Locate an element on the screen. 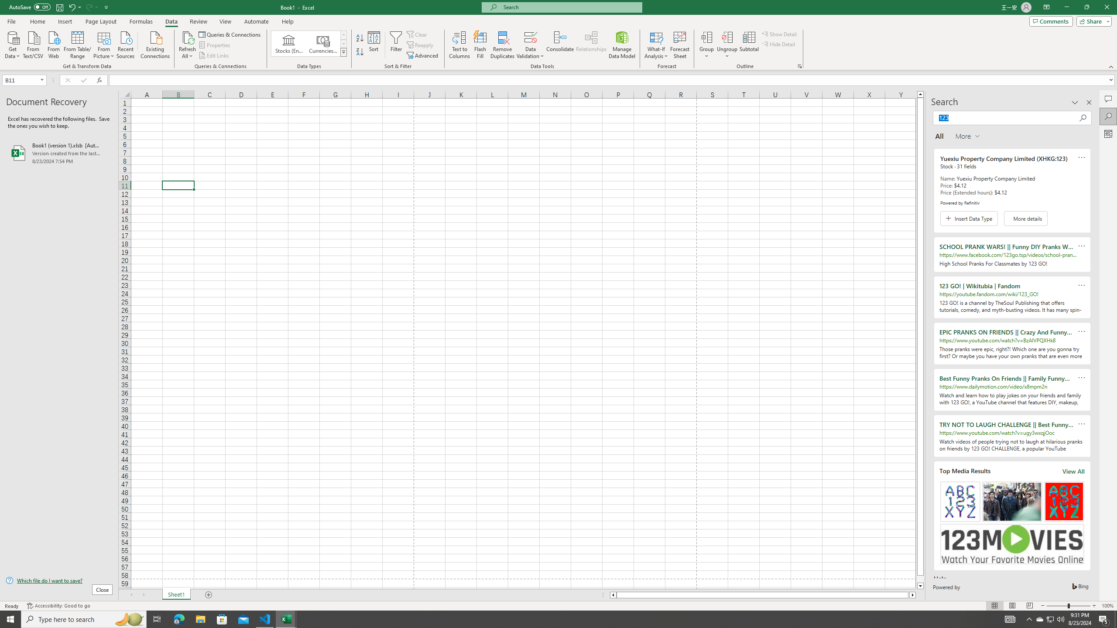 Image resolution: width=1117 pixels, height=628 pixels. 'Advanced...' is located at coordinates (423, 55).